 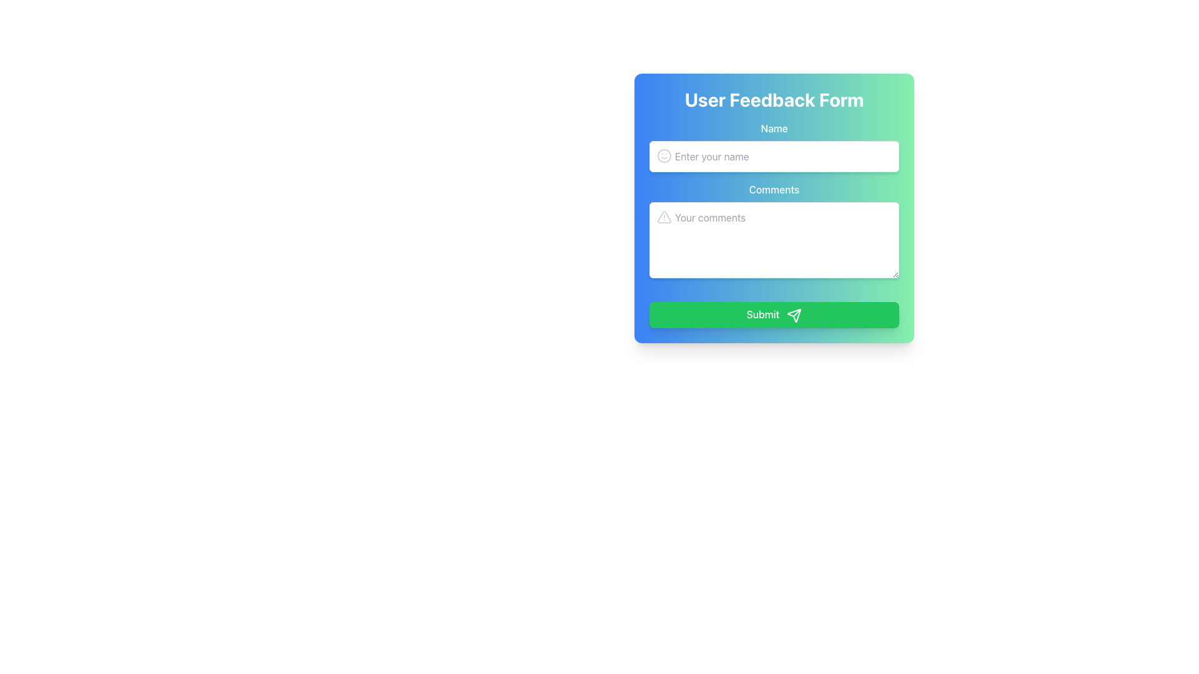 I want to click on the visual indicator icon located inside the 'Submit' button to the right of the text, which reinforces the functionality of sending or submitting the form, so click(x=794, y=315).